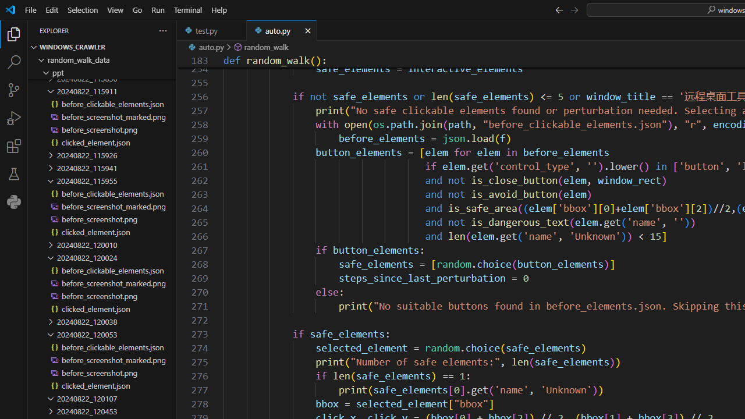 The height and width of the screenshot is (419, 745). I want to click on 'Tab actions', so click(307, 30).